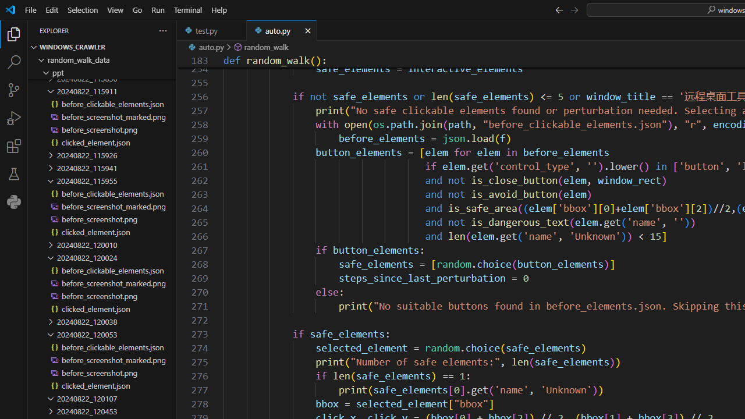 The height and width of the screenshot is (419, 745). I want to click on 'Tab actions', so click(307, 30).